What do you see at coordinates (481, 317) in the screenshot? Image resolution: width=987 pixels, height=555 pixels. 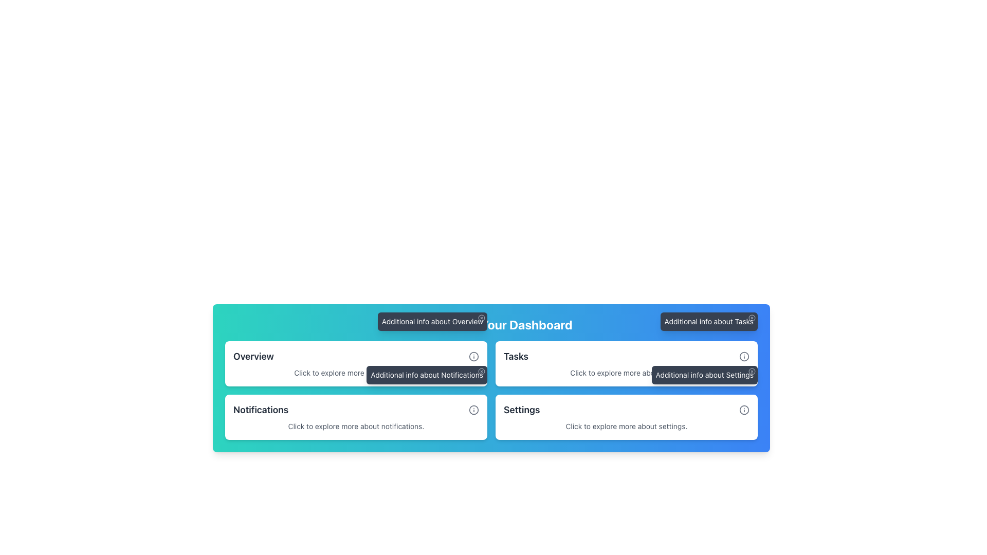 I see `the close button located in the top-right corner of the tooltip that contains the text 'Additional info about Overview'` at bounding box center [481, 317].